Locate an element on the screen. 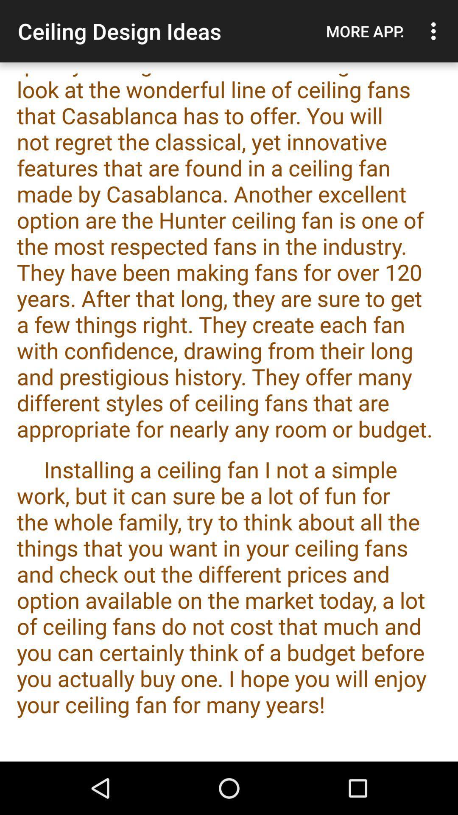 This screenshot has height=815, width=458. the item to the right of the more app. is located at coordinates (436, 31).